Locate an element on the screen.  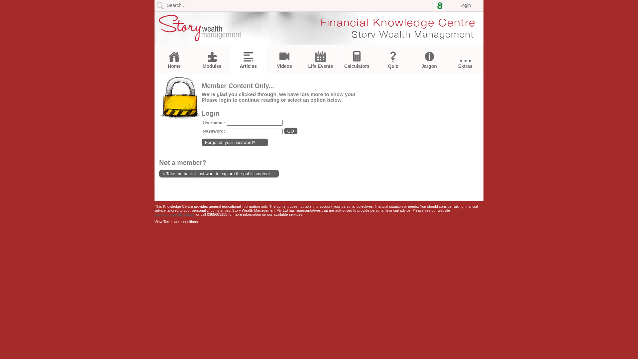
'Quiz' is located at coordinates (393, 60).